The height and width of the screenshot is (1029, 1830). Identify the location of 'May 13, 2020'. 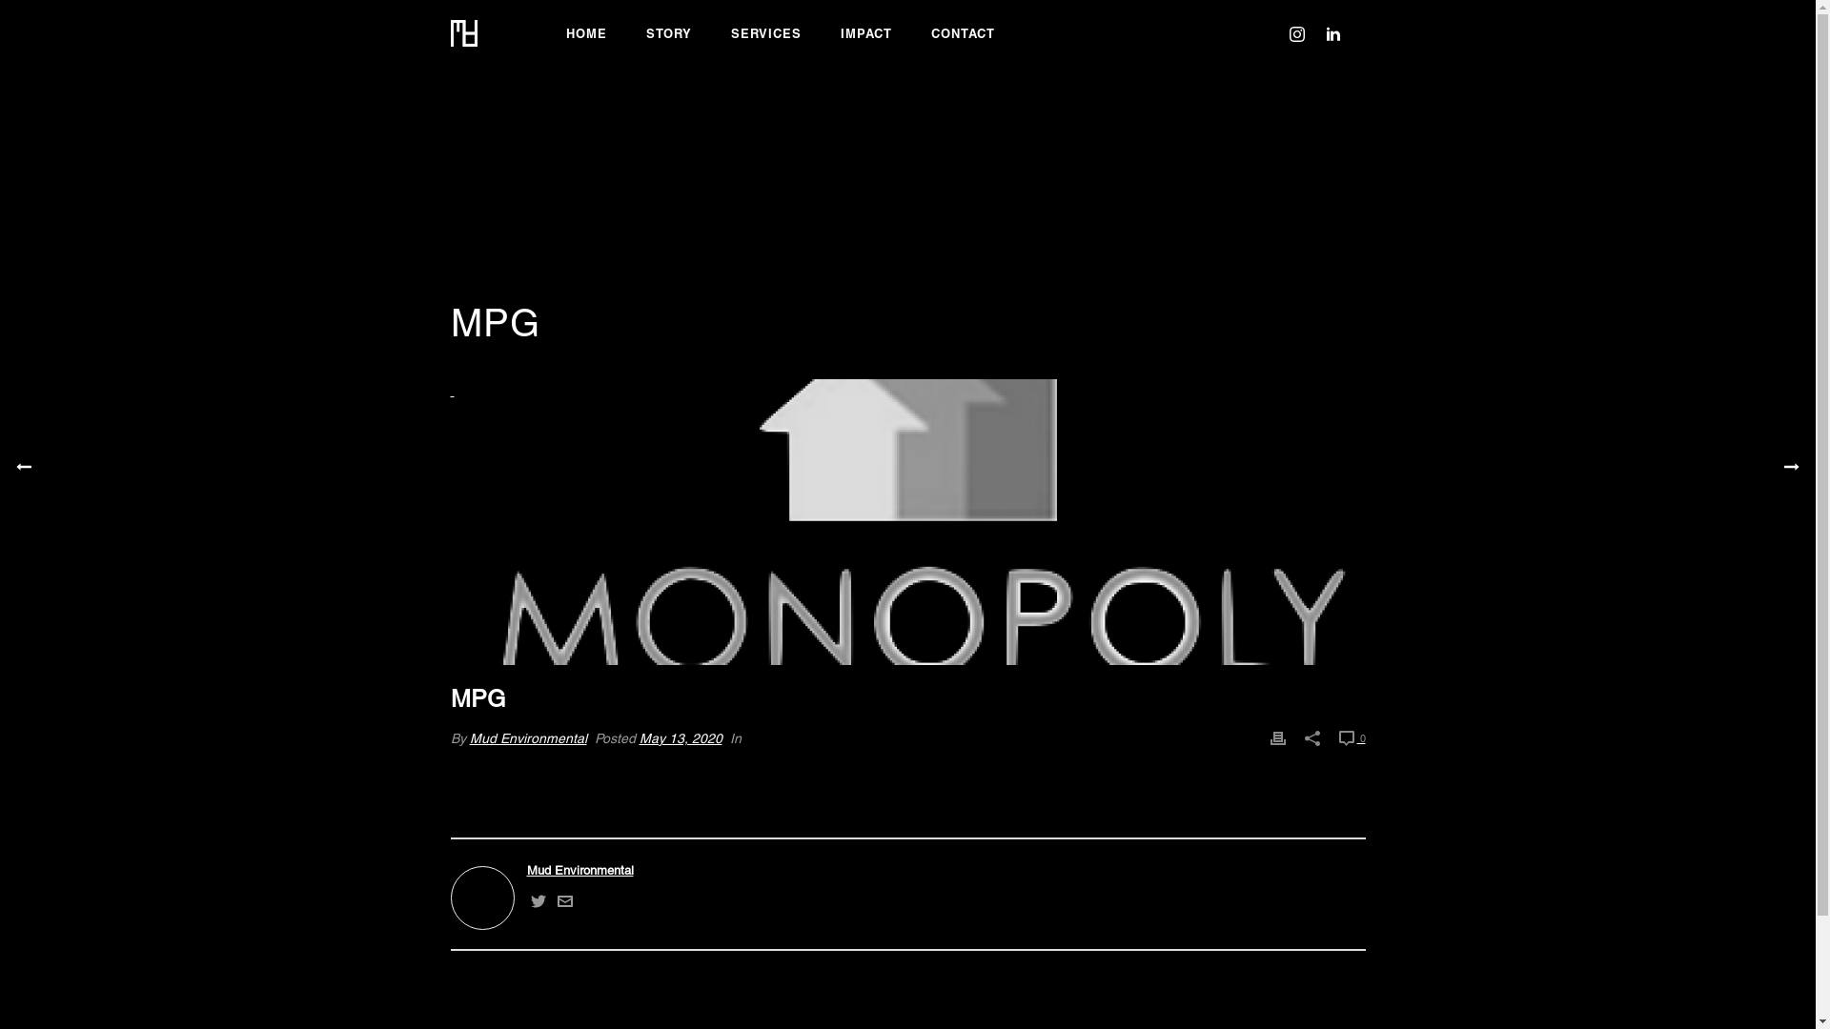
(680, 736).